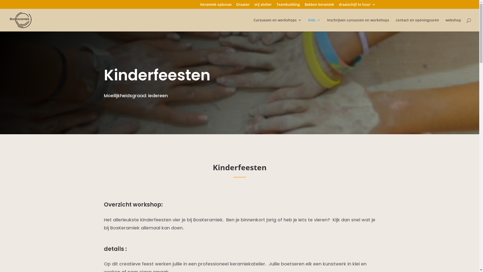 This screenshot has height=272, width=483. Describe the element at coordinates (358, 25) in the screenshot. I see `'Inschrijven cursussen en workshops'` at that location.